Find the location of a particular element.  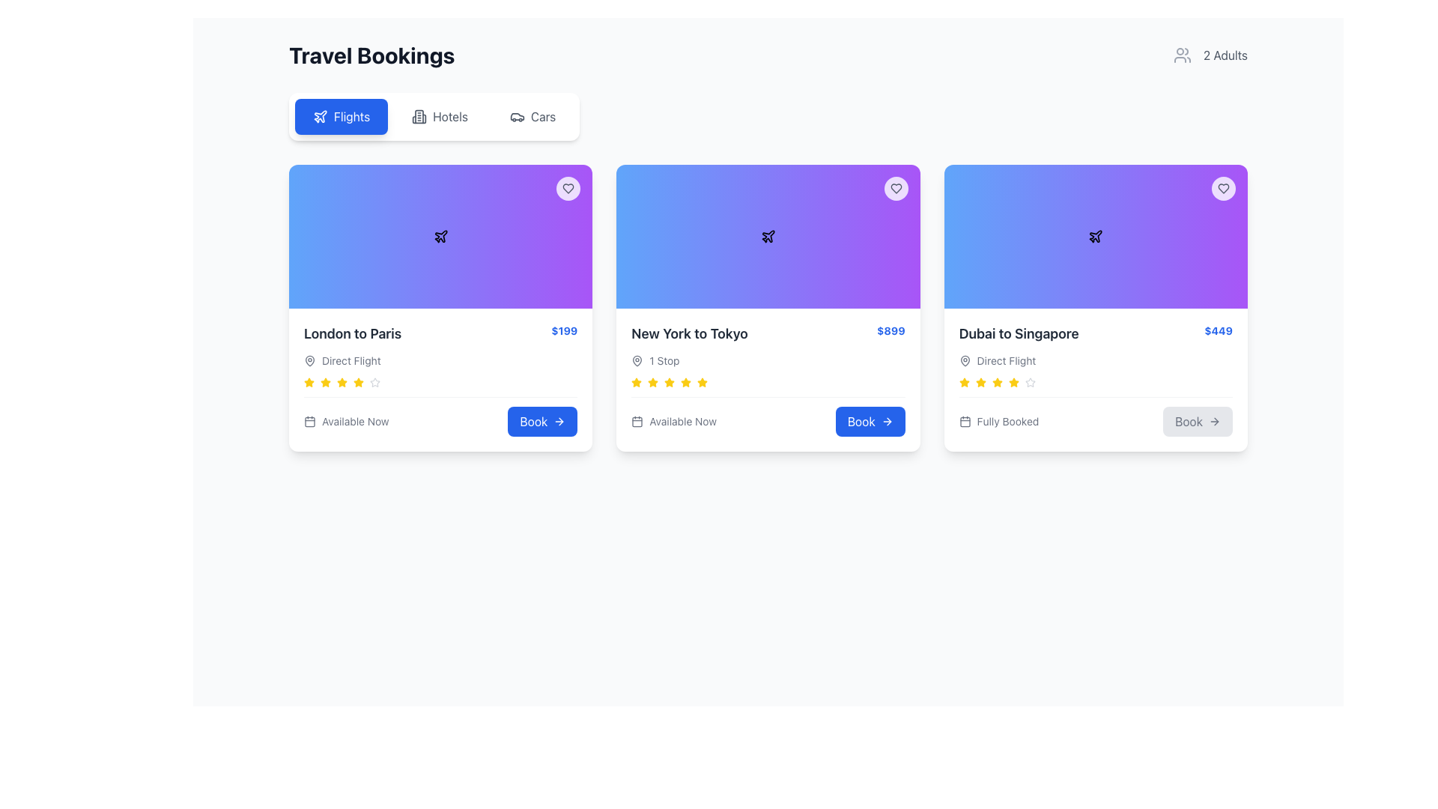

the leftmost yellow star icon below the 'Direct Flight' text for the 'New York to Tokyo' travel option is located at coordinates (964, 381).